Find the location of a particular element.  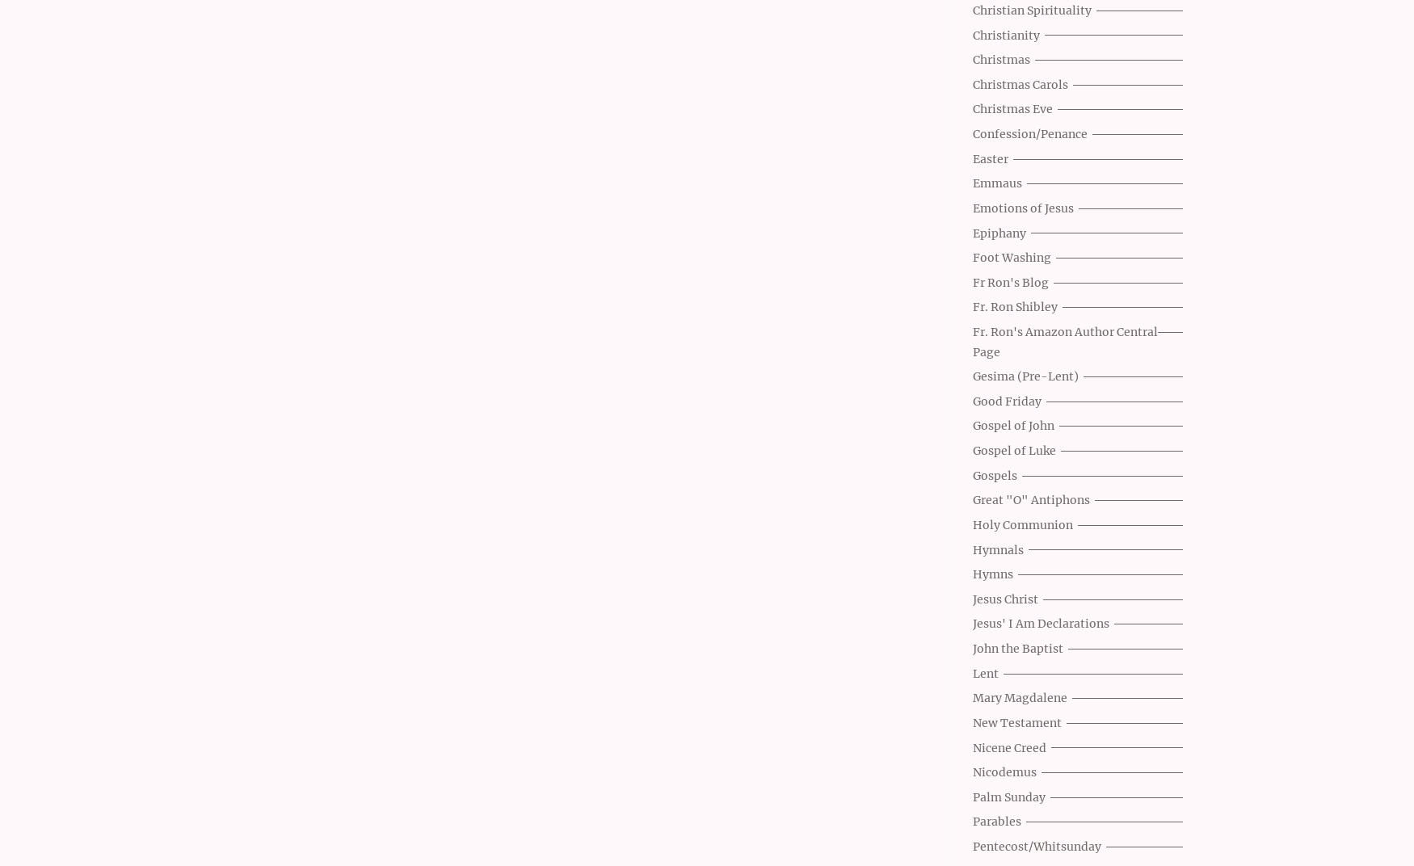

'Confession/Penance' is located at coordinates (1029, 133).